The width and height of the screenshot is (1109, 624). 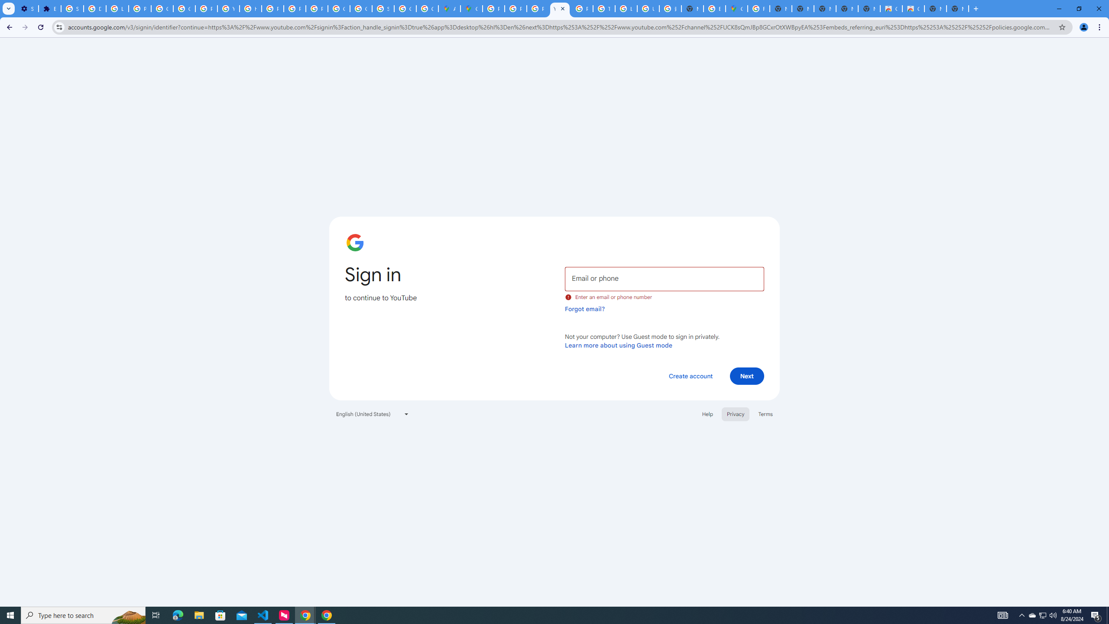 What do you see at coordinates (72, 8) in the screenshot?
I see `'Sign in - Google Accounts'` at bounding box center [72, 8].